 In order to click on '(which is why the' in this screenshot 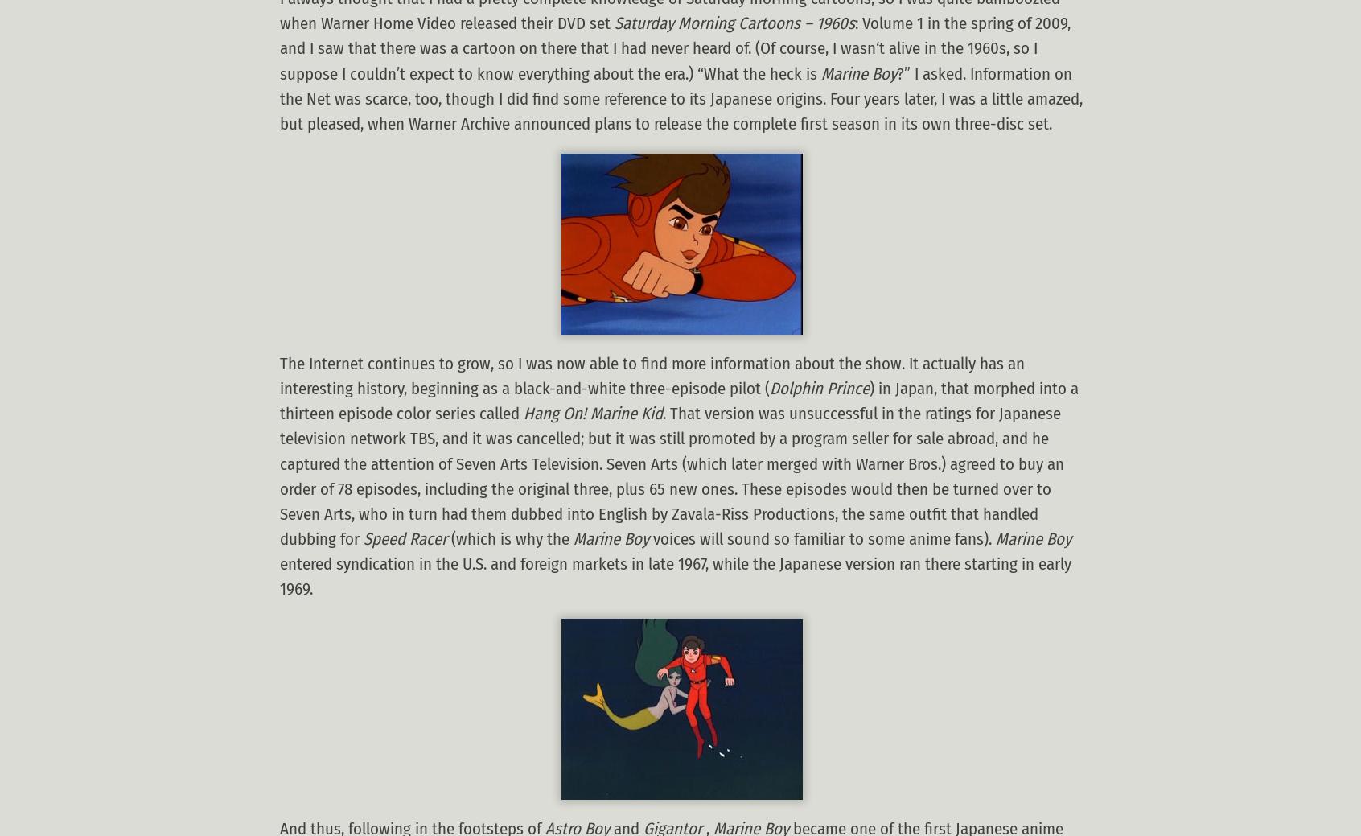, I will do `click(509, 539)`.